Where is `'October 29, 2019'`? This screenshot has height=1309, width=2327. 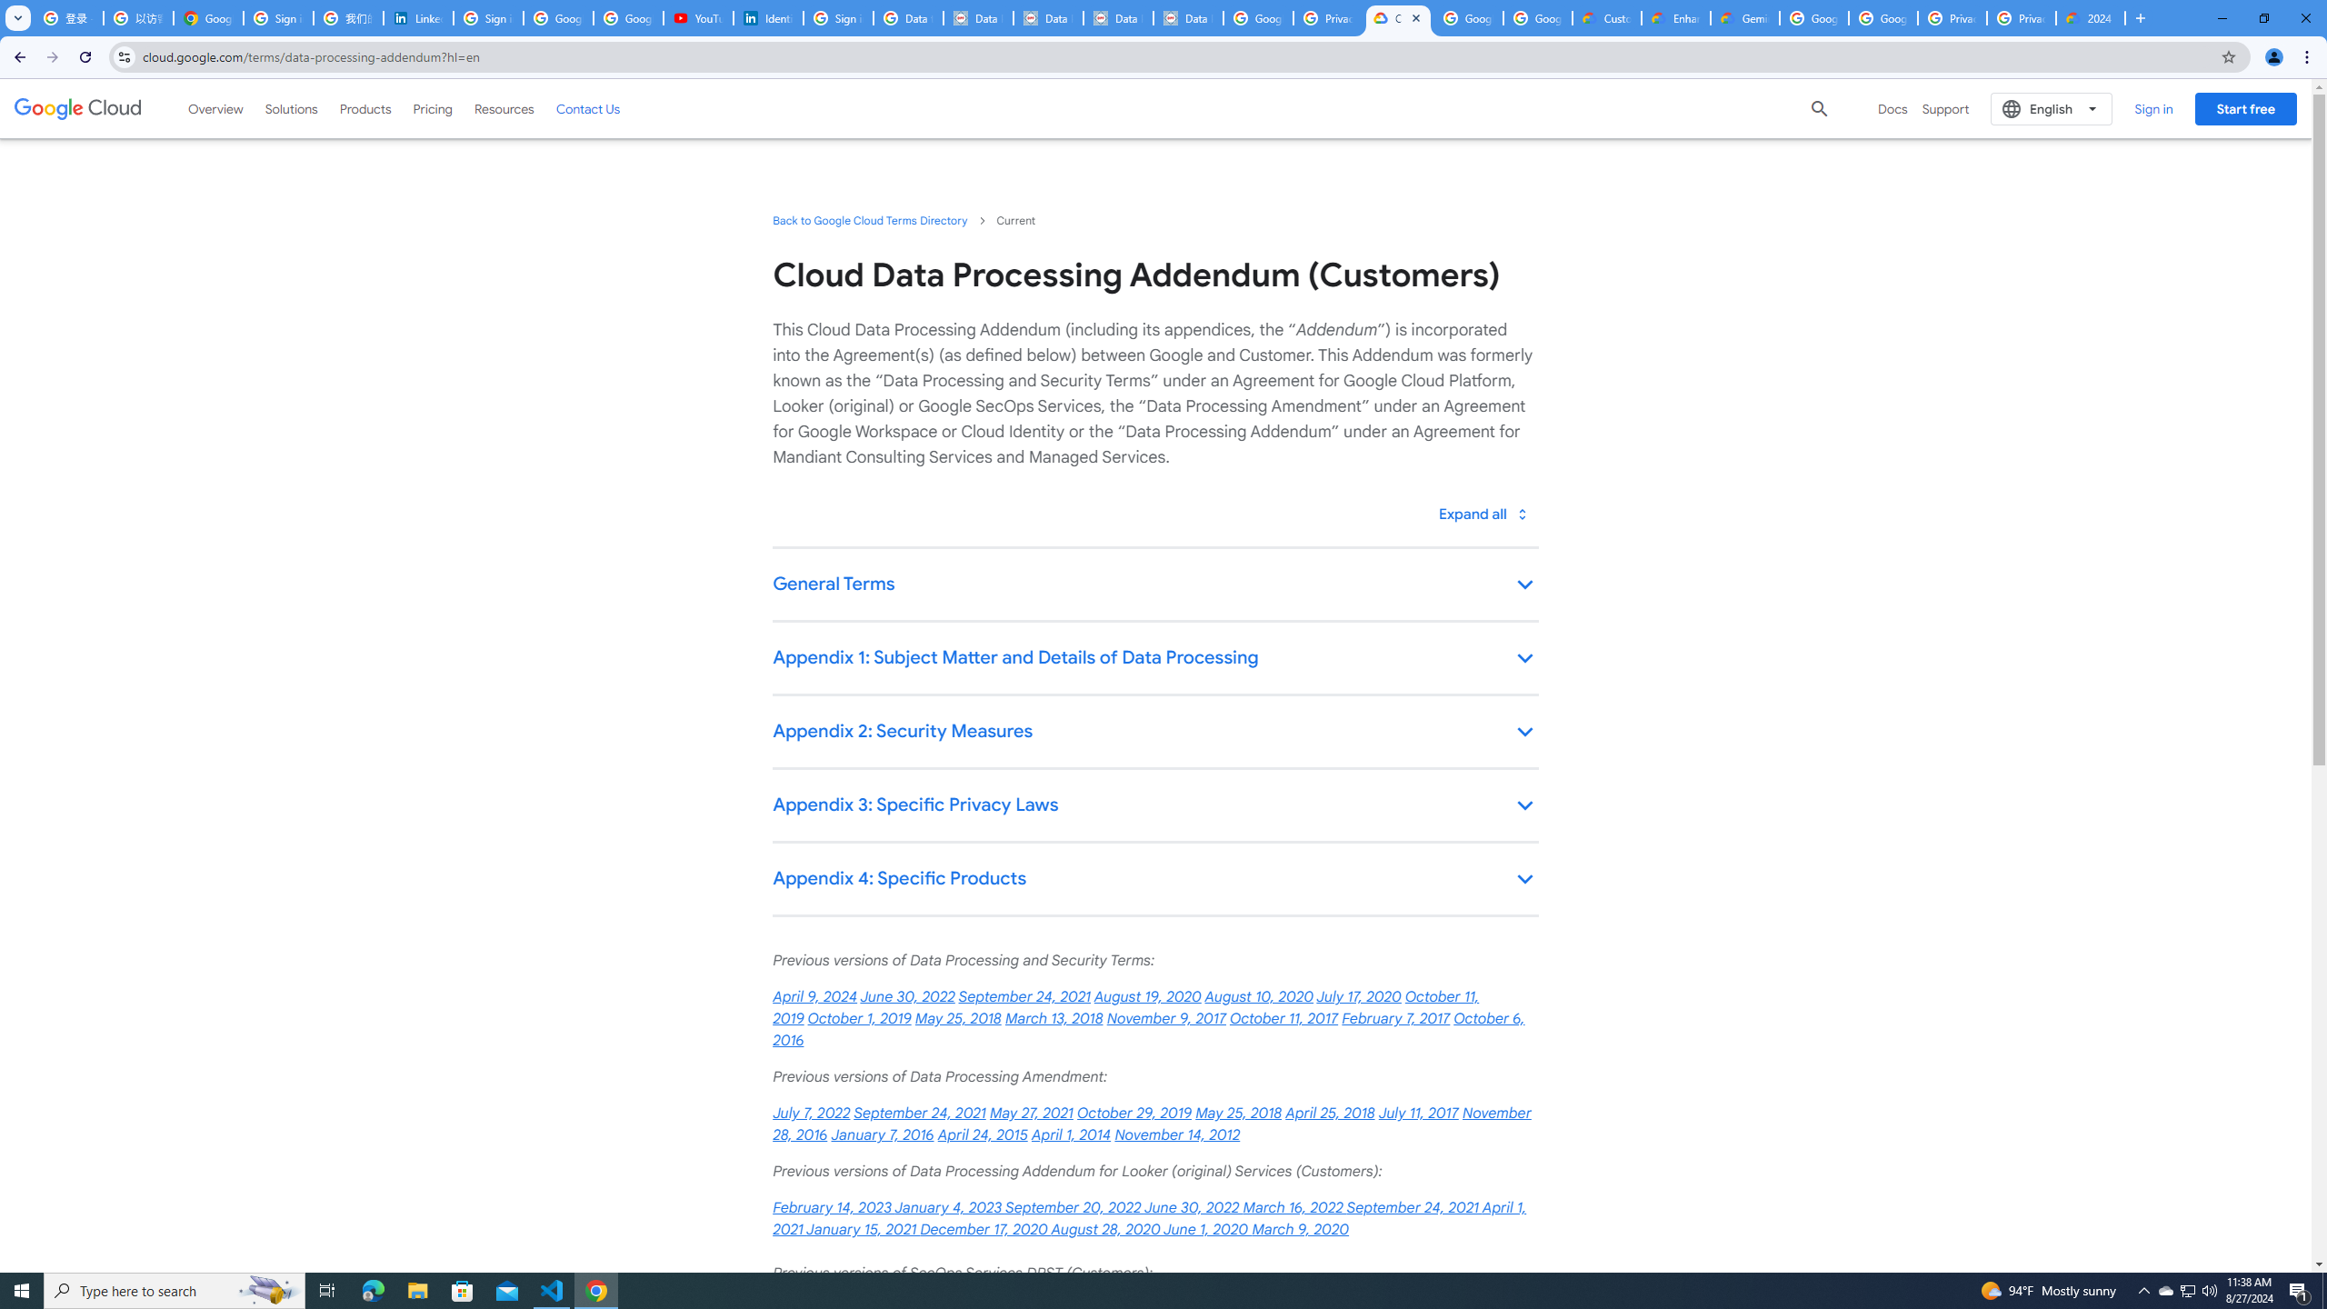 'October 29, 2019' is located at coordinates (1134, 1114).